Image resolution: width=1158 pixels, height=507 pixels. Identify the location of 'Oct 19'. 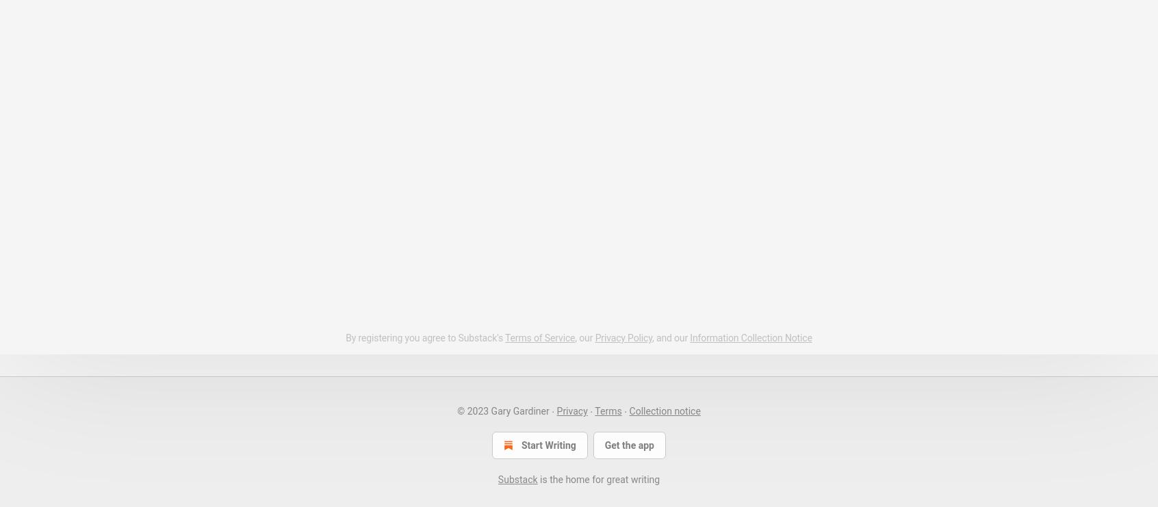
(383, 72).